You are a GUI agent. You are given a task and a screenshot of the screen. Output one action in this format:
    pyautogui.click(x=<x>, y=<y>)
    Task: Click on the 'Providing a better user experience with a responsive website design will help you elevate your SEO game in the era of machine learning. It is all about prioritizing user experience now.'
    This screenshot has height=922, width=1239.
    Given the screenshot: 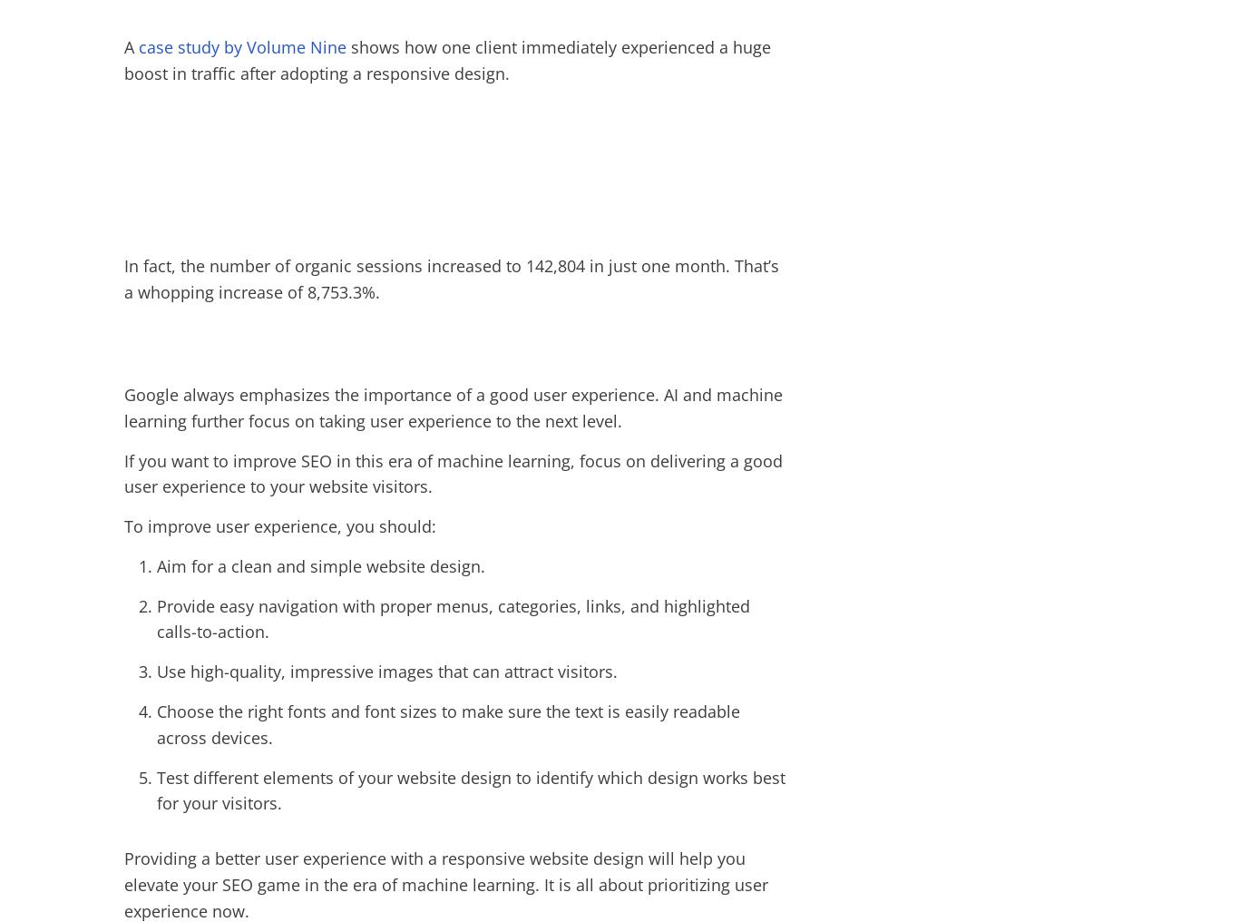 What is the action you would take?
    pyautogui.click(x=123, y=884)
    